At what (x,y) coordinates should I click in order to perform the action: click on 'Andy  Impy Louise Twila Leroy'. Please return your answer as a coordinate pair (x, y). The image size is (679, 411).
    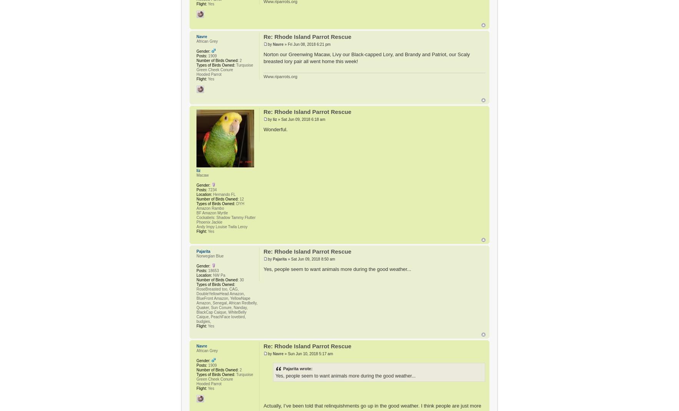
    Looking at the image, I should click on (221, 226).